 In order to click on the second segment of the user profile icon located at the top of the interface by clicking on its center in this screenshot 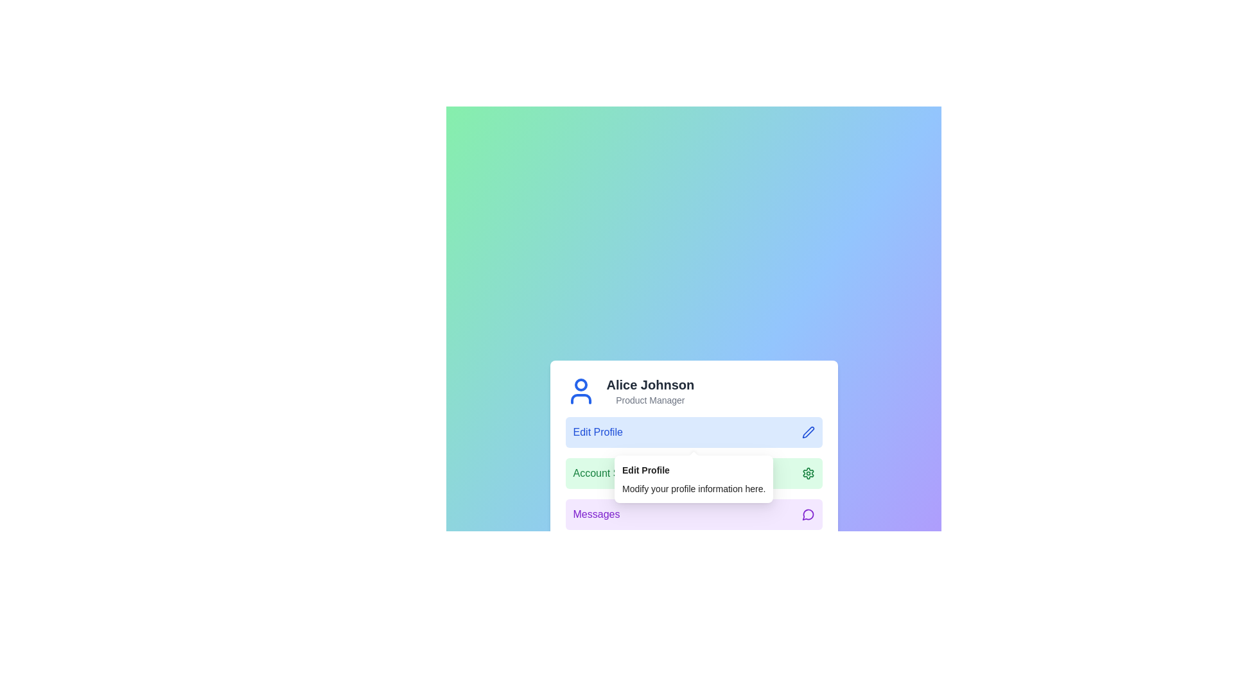, I will do `click(580, 398)`.